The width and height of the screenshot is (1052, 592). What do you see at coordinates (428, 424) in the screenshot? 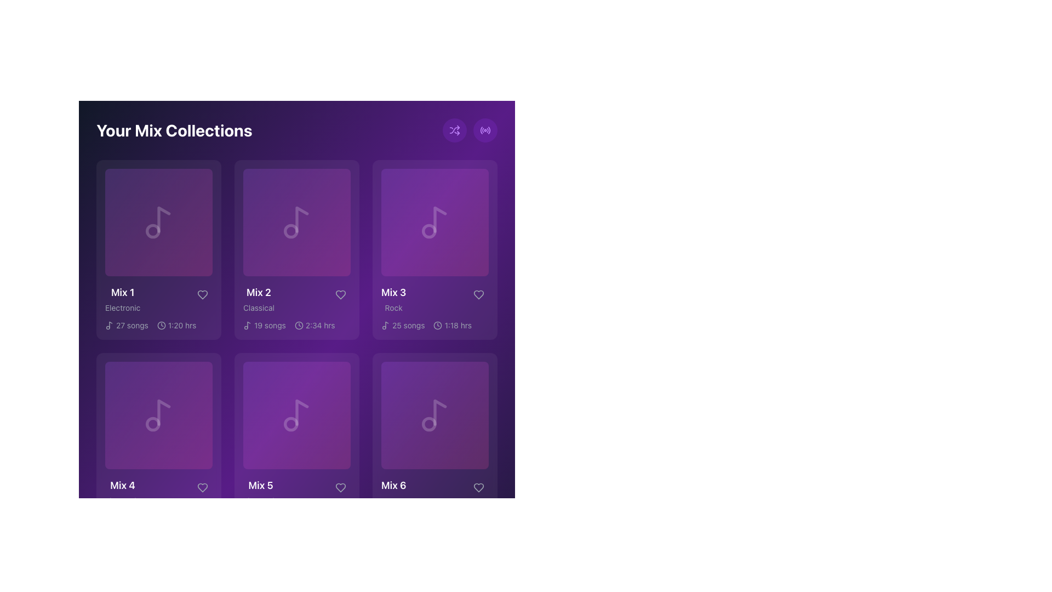
I see `the small circular graphic element located centrally within the lower segment of the music note icon in the 'Mix 6' card` at bounding box center [428, 424].